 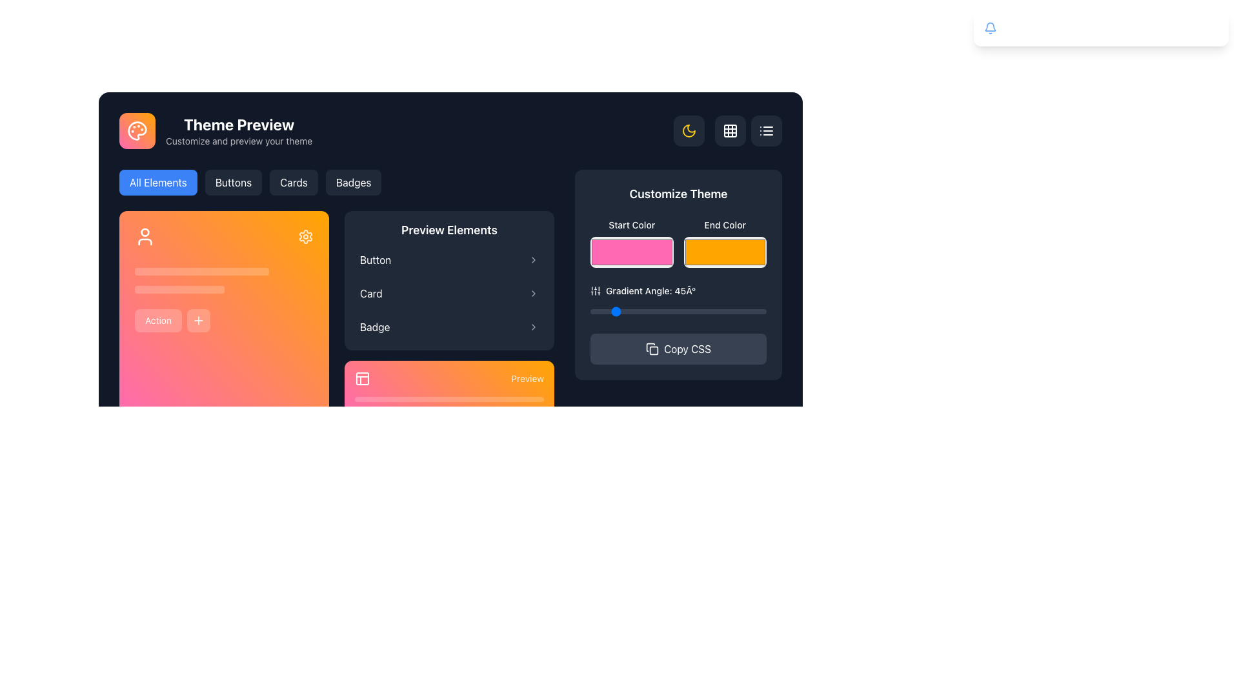 What do you see at coordinates (736, 311) in the screenshot?
I see `the gradient angle` at bounding box center [736, 311].